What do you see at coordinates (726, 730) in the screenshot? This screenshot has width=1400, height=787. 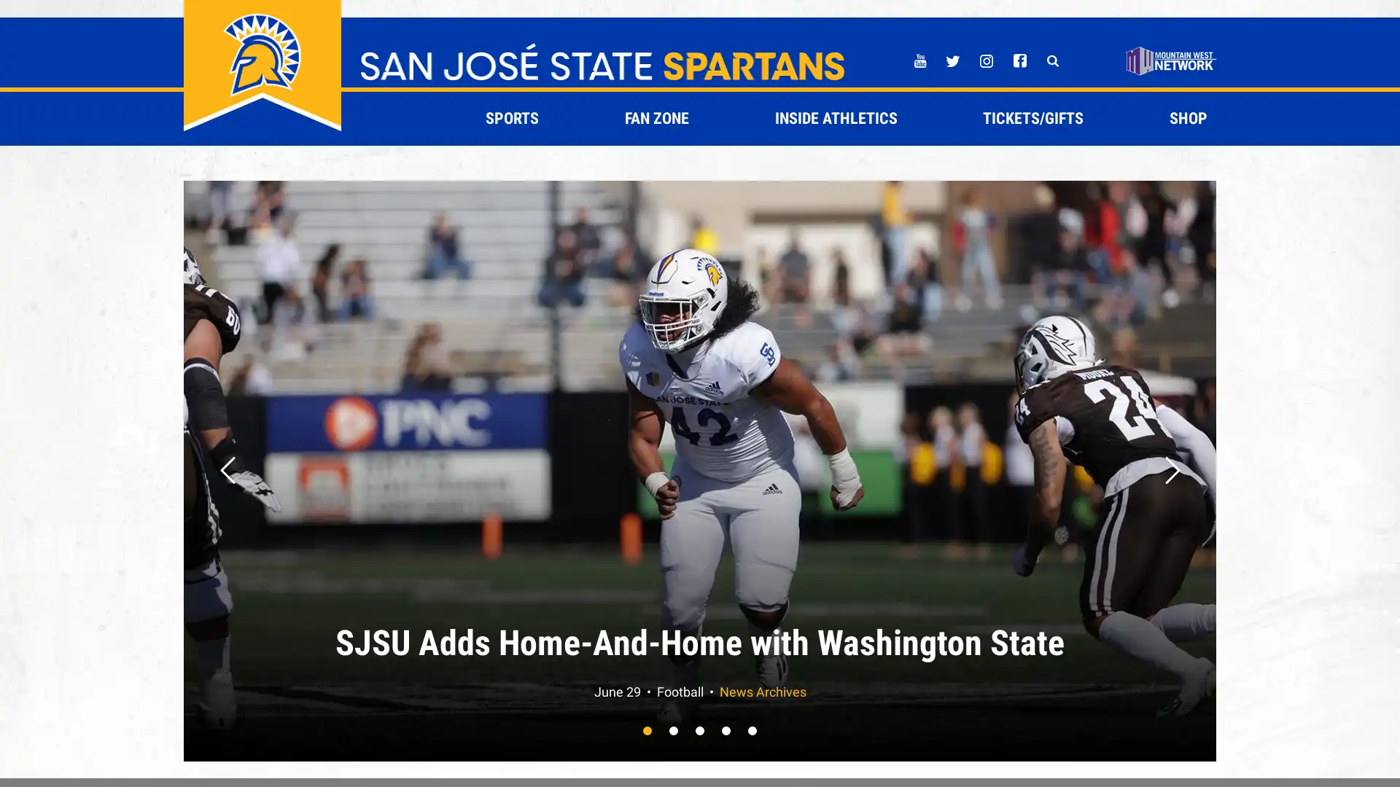 I see `Navigate to slide 4` at bounding box center [726, 730].